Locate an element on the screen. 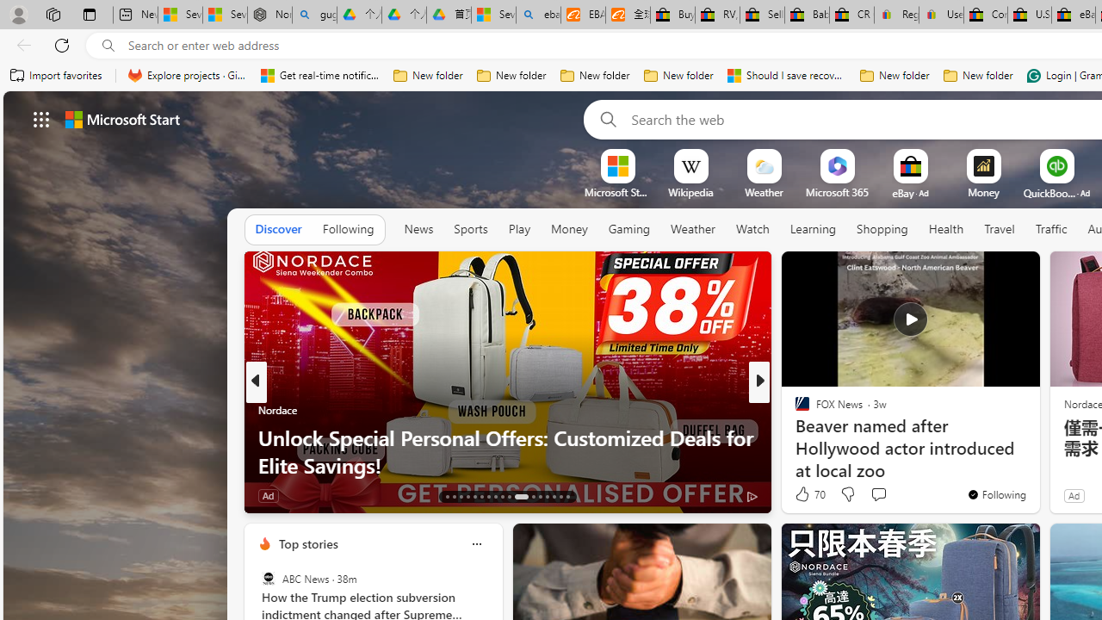  'You' is located at coordinates (996, 493).